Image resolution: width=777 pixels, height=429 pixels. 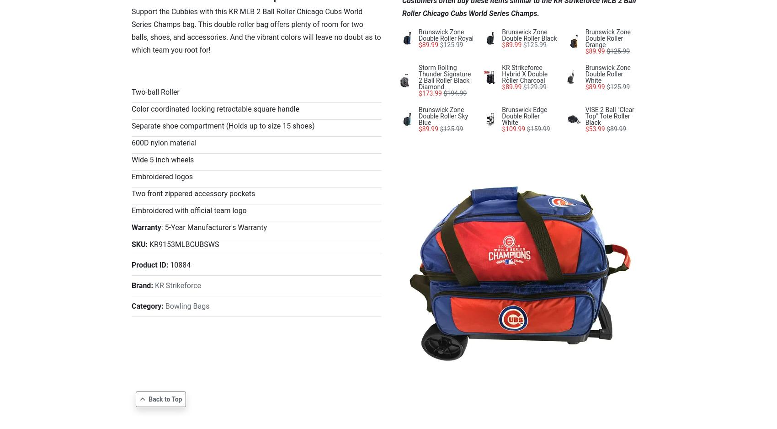 I want to click on '600D nylon material', so click(x=164, y=142).